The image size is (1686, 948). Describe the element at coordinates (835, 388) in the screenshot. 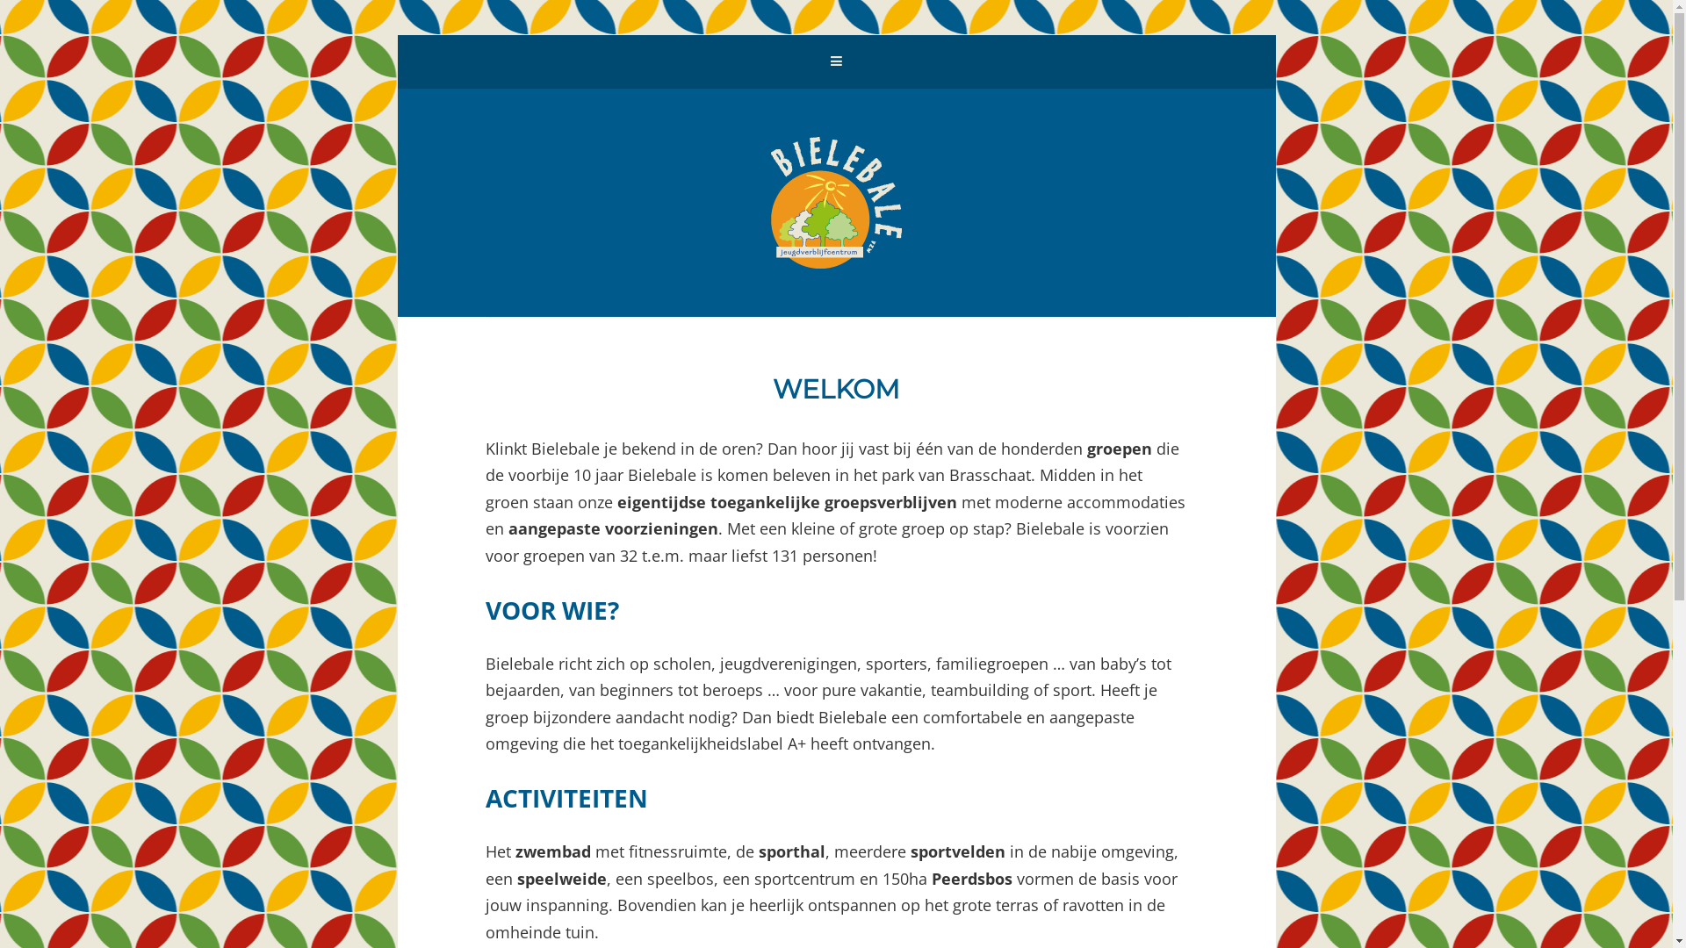

I see `'WELKOM'` at that location.